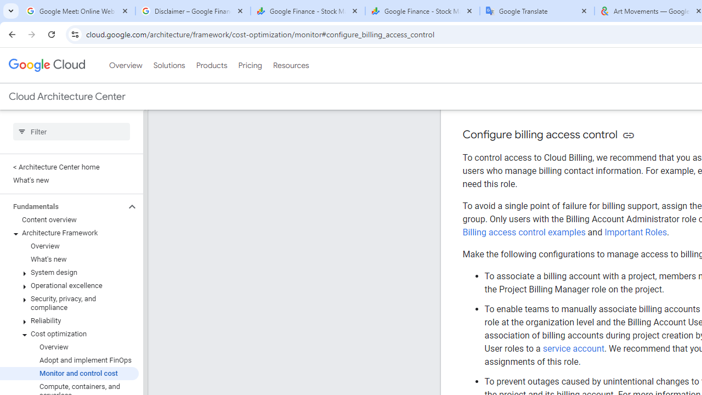 The width and height of the screenshot is (702, 395). Describe the element at coordinates (69, 233) in the screenshot. I see `'Architecture Framework'` at that location.